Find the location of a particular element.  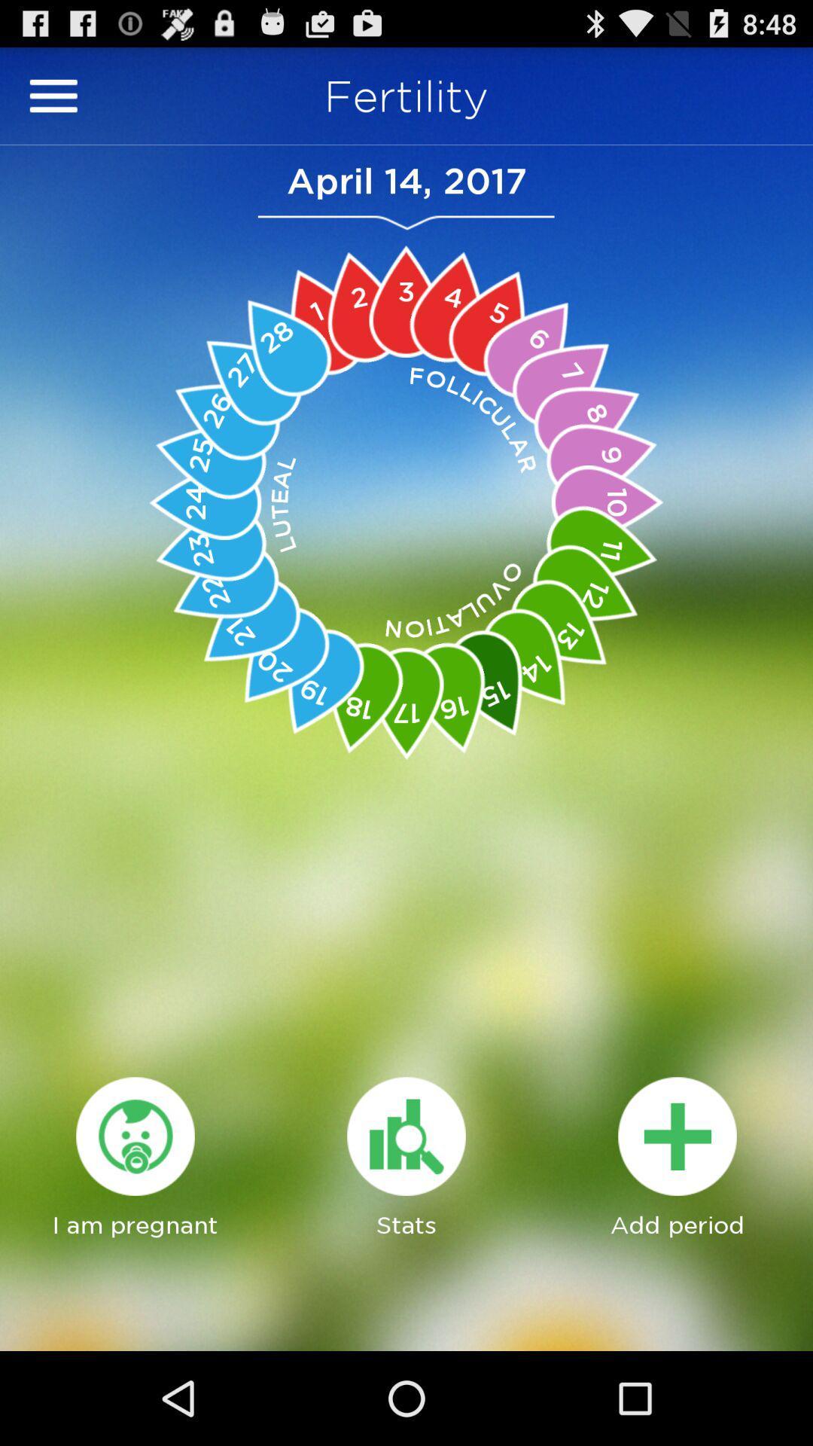

the add icon is located at coordinates (676, 1216).